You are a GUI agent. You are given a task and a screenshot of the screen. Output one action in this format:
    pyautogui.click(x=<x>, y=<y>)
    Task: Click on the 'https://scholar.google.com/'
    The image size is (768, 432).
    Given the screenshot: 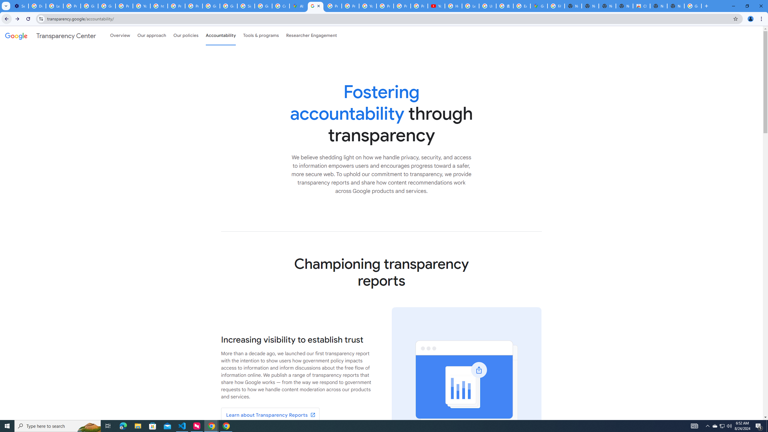 What is the action you would take?
    pyautogui.click(x=159, y=6)
    